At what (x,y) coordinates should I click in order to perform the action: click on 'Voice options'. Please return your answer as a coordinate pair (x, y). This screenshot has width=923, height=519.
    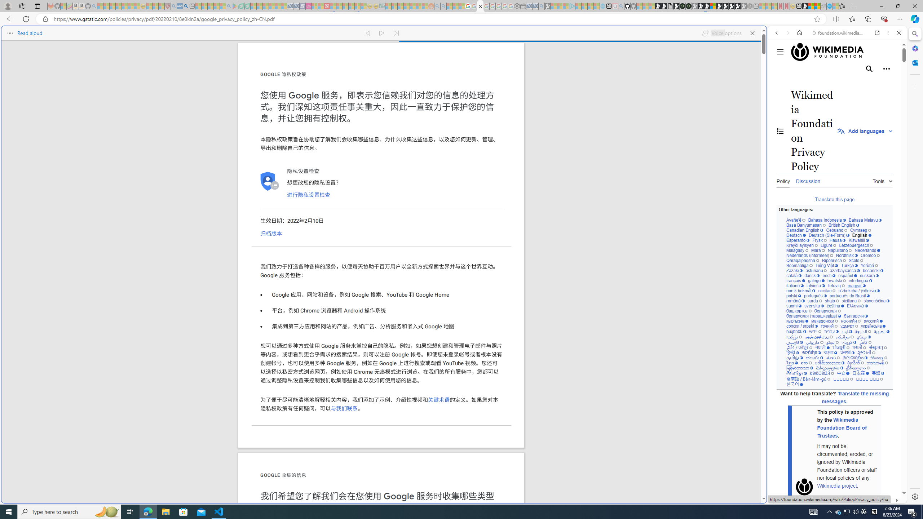
    Looking at the image, I should click on (721, 33).